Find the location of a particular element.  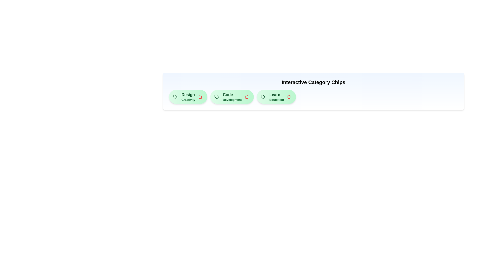

trash icon of the chip labeled Learn to remove it is located at coordinates (289, 97).